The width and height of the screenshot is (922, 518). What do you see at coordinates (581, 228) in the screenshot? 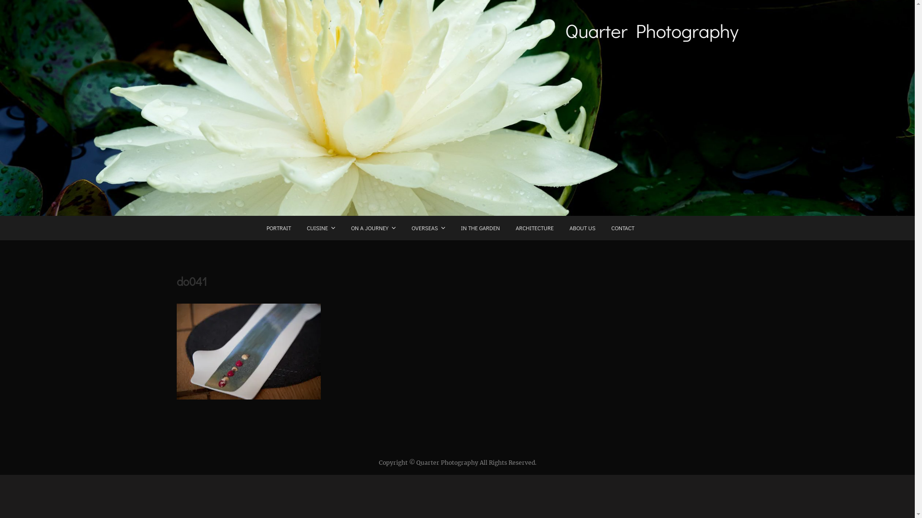
I see `'ABOUT US'` at bounding box center [581, 228].